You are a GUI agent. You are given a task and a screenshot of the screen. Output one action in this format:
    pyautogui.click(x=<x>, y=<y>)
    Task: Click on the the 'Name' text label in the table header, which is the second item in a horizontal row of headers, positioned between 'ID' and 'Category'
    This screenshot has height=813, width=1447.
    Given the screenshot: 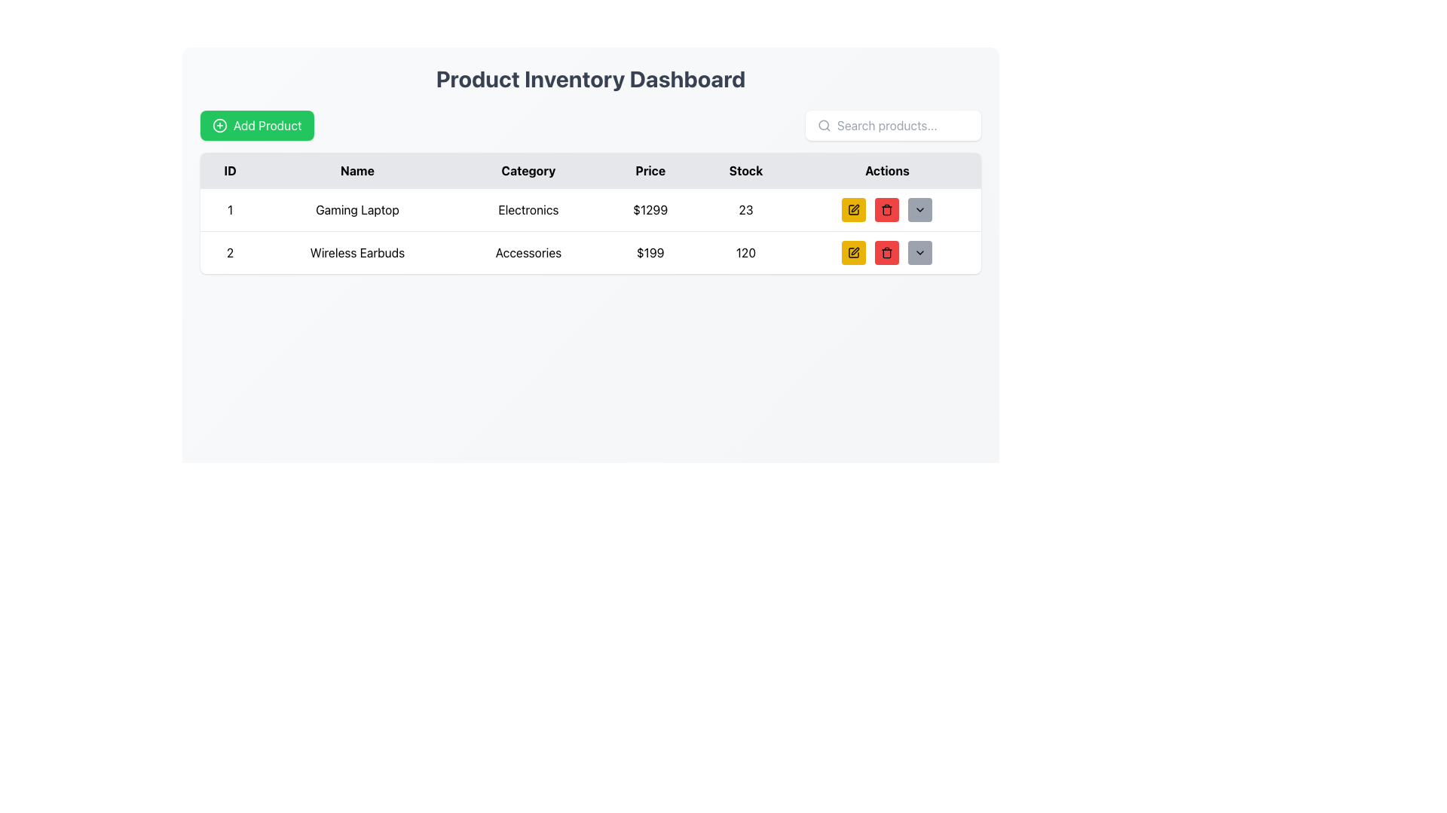 What is the action you would take?
    pyautogui.click(x=356, y=170)
    